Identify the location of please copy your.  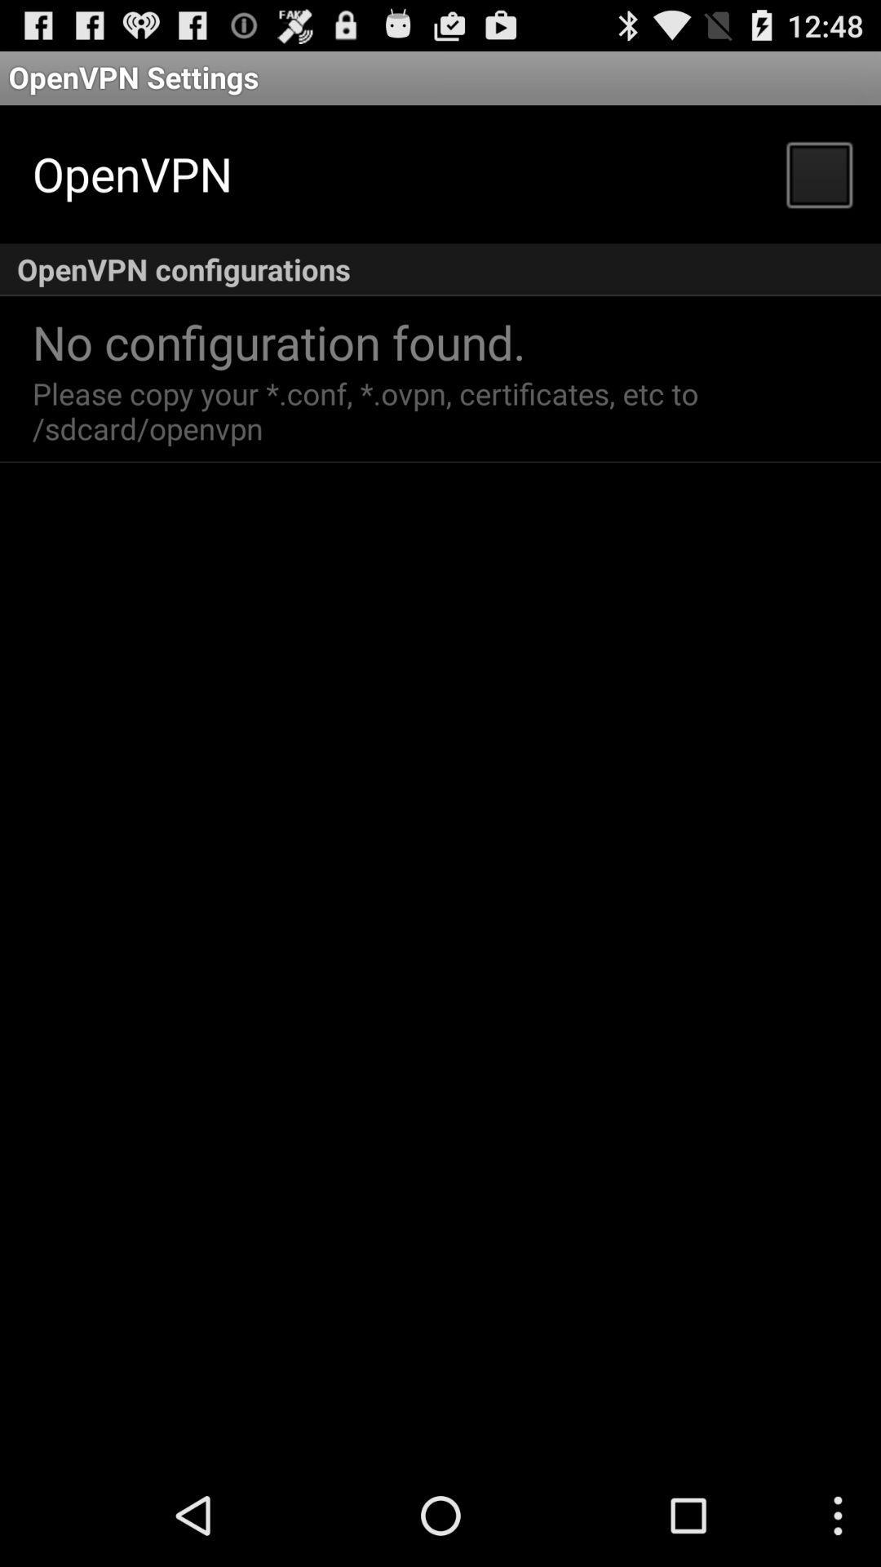
(370, 411).